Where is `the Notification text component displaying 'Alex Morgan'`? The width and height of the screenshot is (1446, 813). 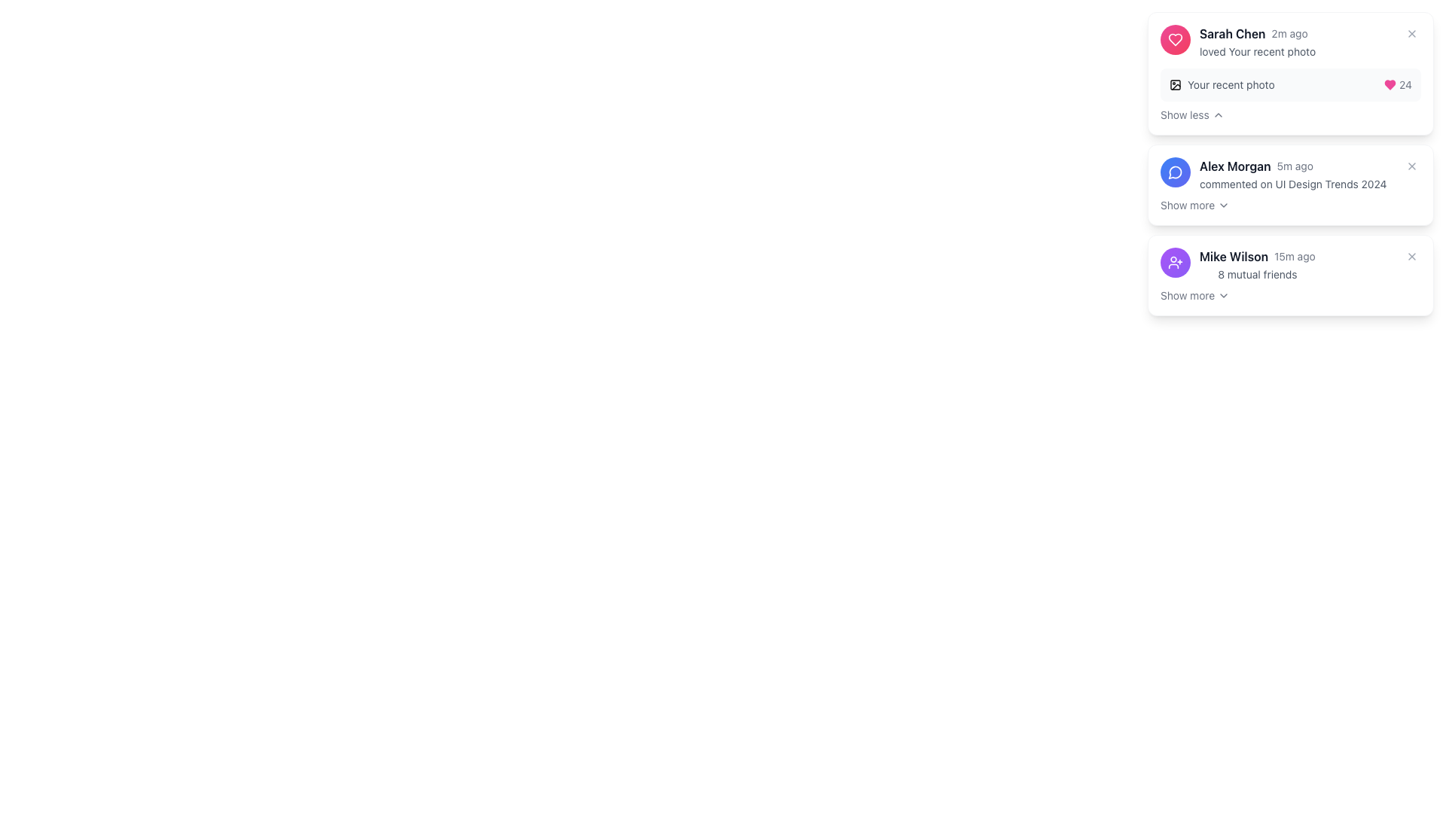 the Notification text component displaying 'Alex Morgan' is located at coordinates (1292, 173).